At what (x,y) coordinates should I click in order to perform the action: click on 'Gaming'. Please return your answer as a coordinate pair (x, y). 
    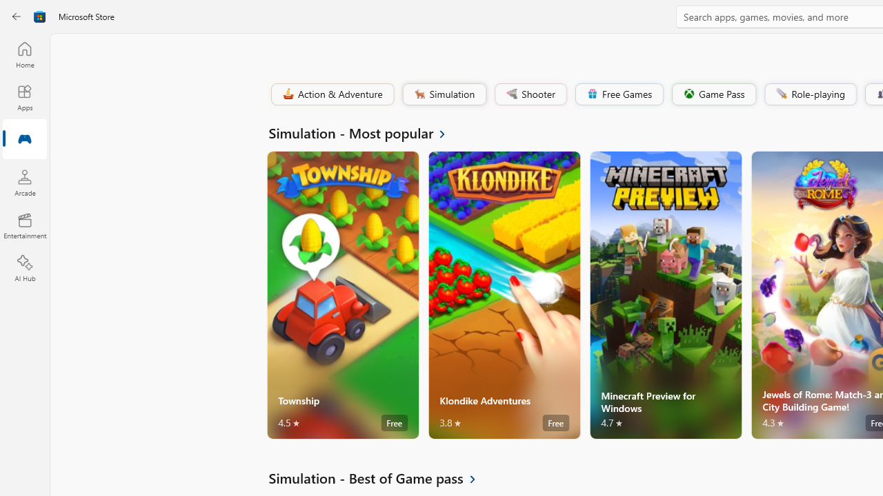
    Looking at the image, I should click on (24, 140).